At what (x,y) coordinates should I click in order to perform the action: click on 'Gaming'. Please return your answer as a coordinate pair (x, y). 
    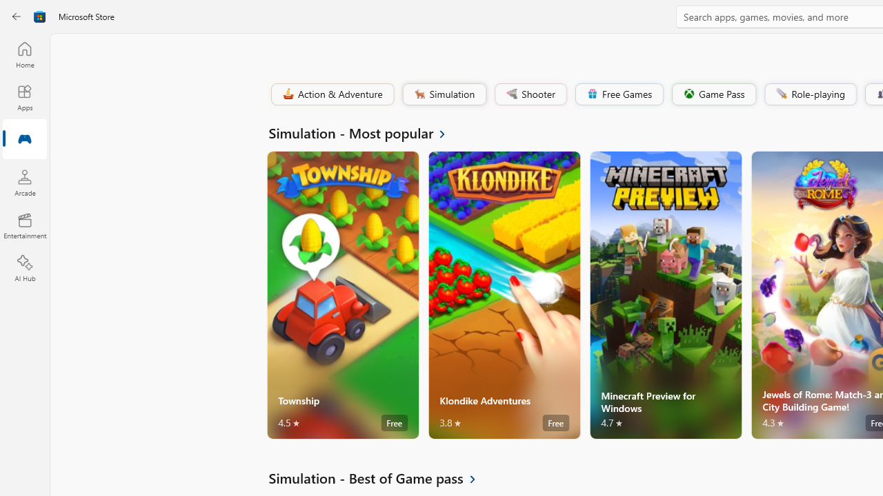
    Looking at the image, I should click on (24, 140).